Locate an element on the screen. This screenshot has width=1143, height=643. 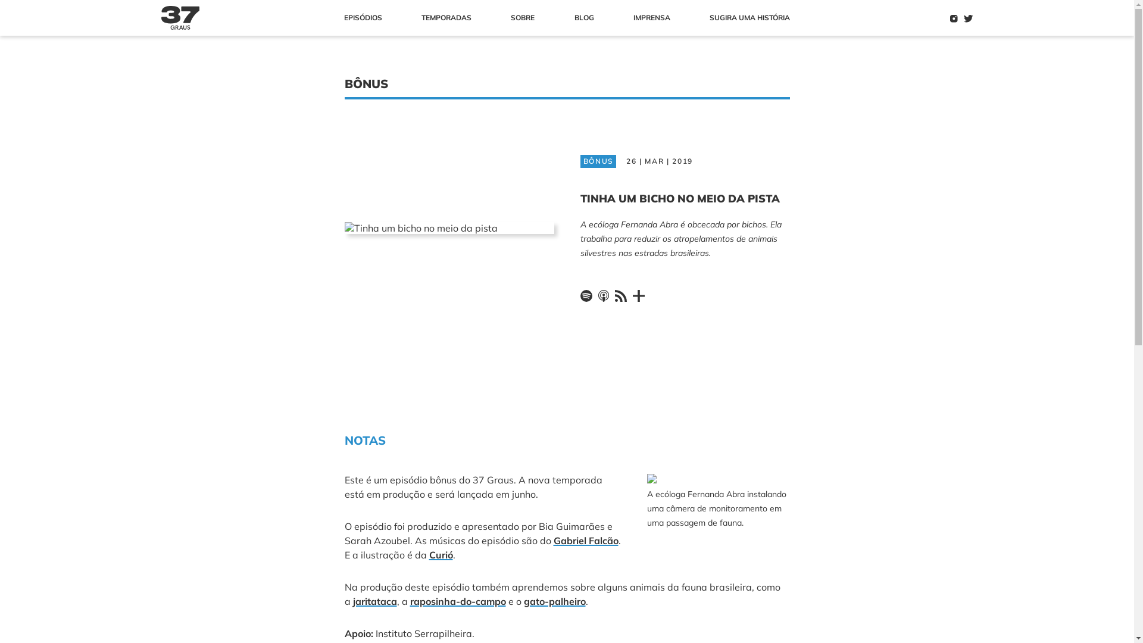
'IMPRENSA' is located at coordinates (651, 18).